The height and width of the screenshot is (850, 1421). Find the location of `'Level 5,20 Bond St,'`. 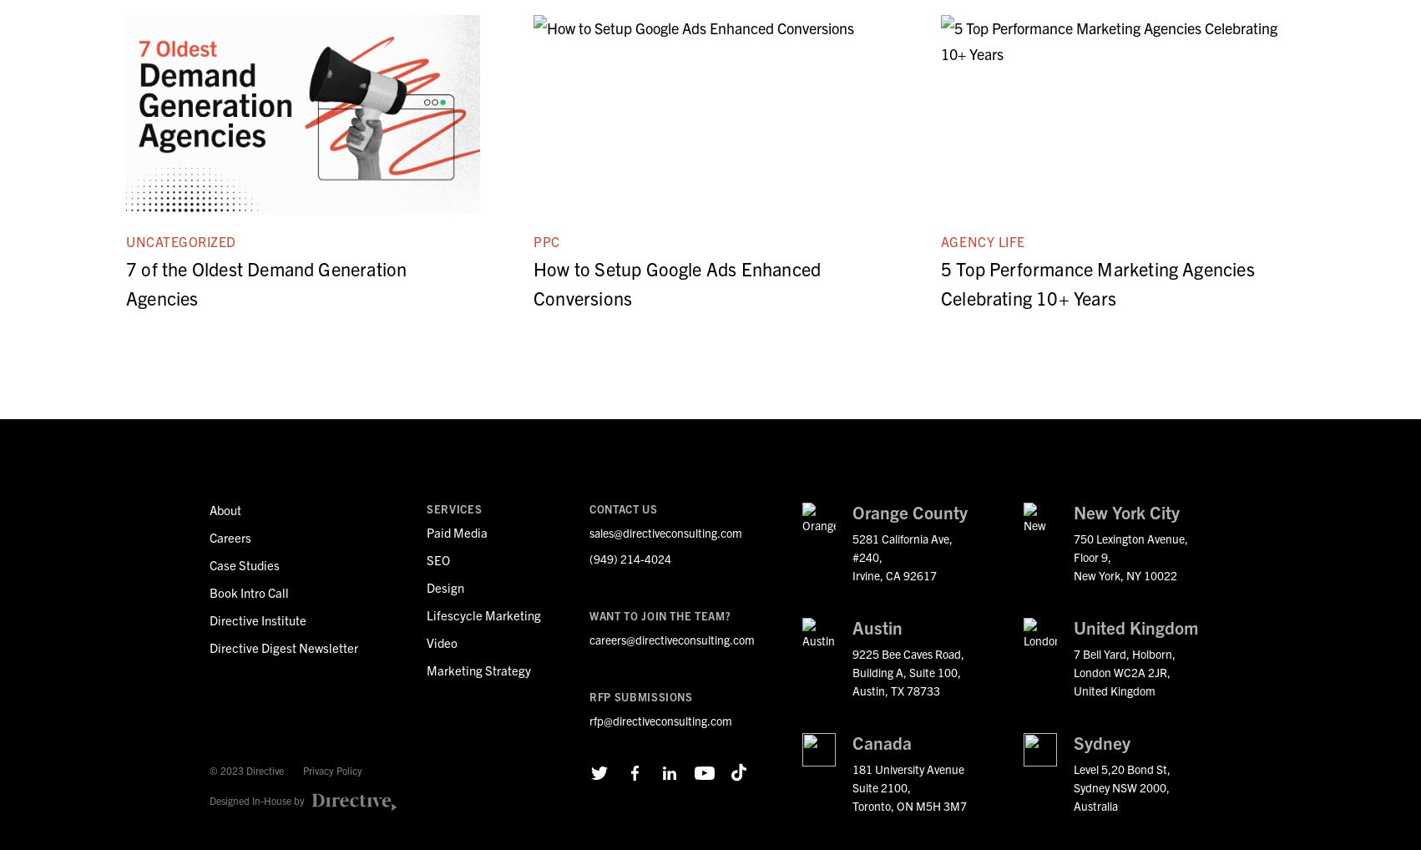

'Level 5,20 Bond St,' is located at coordinates (1121, 767).